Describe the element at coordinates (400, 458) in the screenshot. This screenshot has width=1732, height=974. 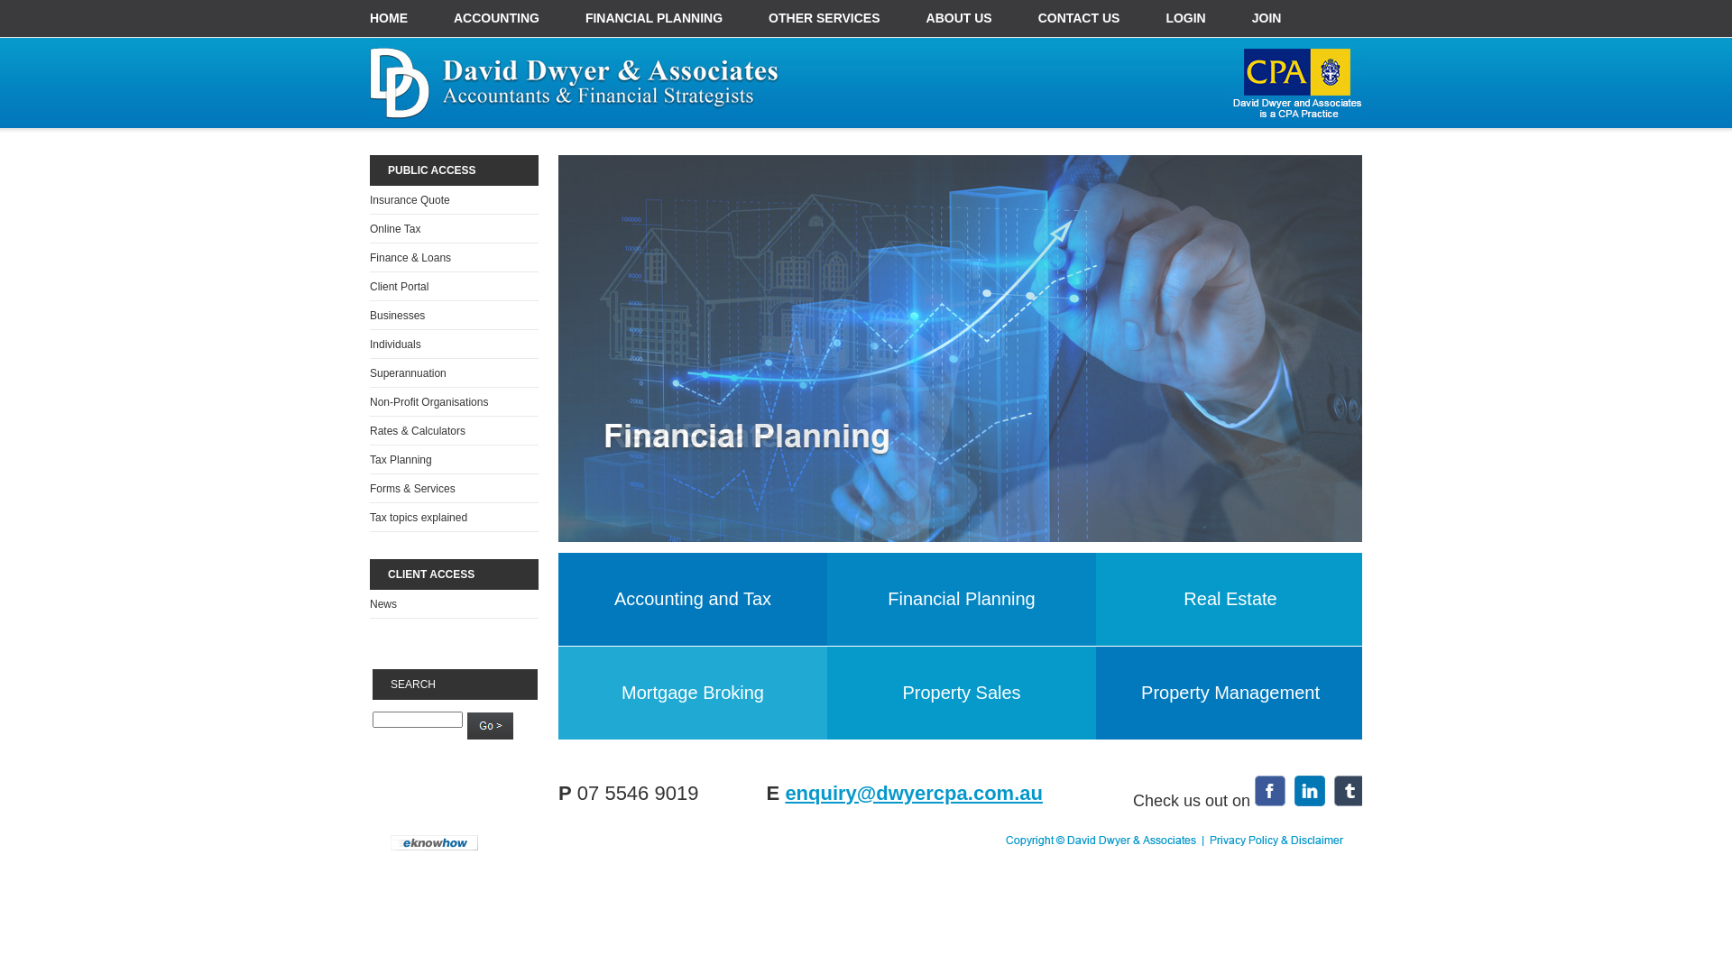
I see `'Tax Planning'` at that location.